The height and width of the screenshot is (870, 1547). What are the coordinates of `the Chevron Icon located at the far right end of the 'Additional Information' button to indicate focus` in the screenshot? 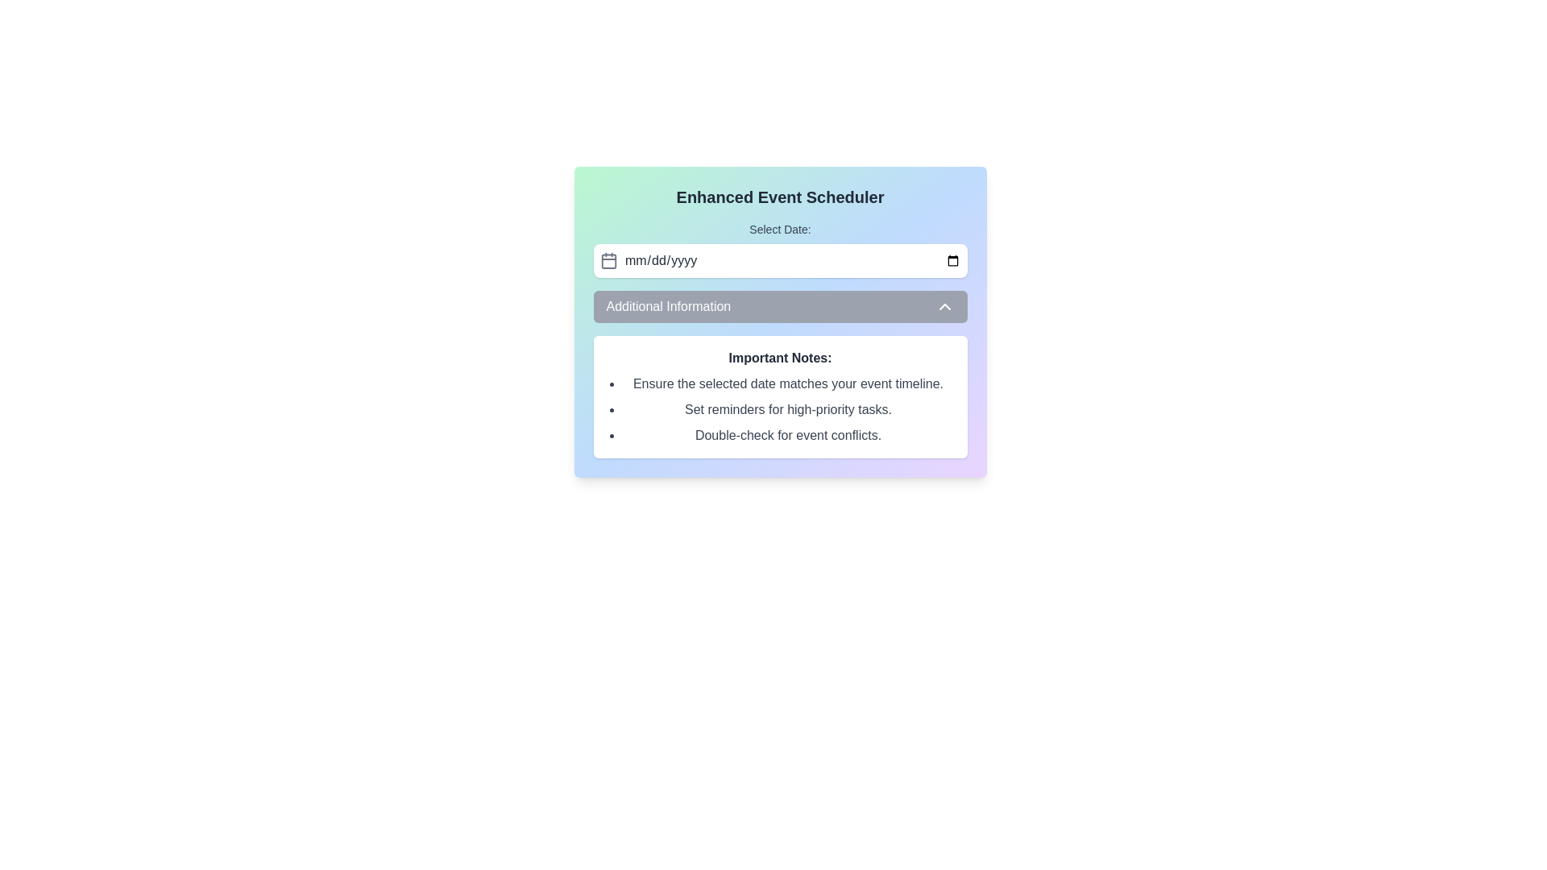 It's located at (944, 307).